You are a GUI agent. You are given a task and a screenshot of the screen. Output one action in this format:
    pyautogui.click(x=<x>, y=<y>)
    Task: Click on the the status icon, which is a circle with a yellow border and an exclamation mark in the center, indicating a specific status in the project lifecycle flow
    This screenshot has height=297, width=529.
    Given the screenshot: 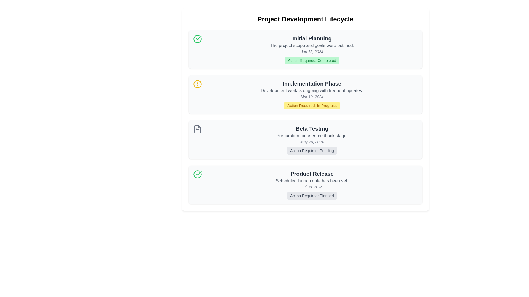 What is the action you would take?
    pyautogui.click(x=197, y=84)
    